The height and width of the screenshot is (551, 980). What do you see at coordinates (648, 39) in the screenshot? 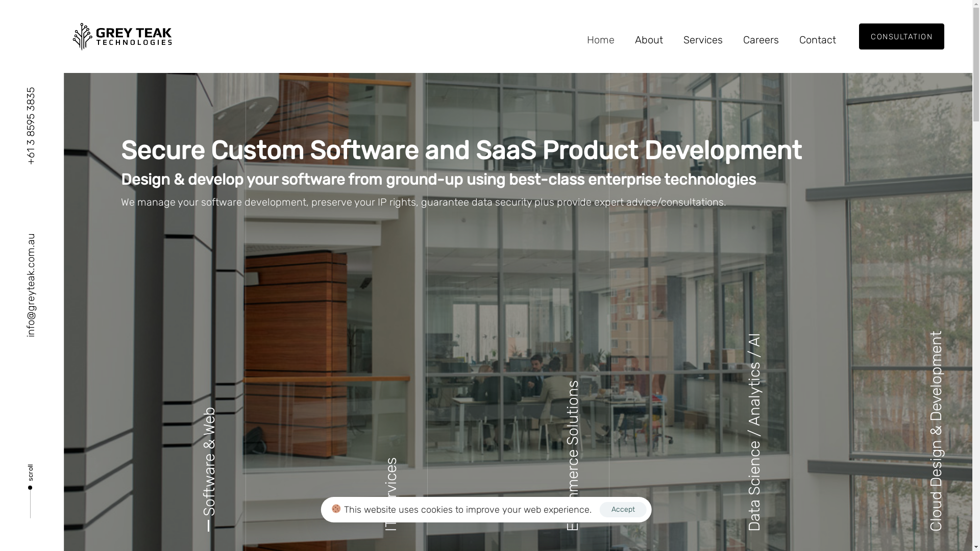
I see `'About'` at bounding box center [648, 39].